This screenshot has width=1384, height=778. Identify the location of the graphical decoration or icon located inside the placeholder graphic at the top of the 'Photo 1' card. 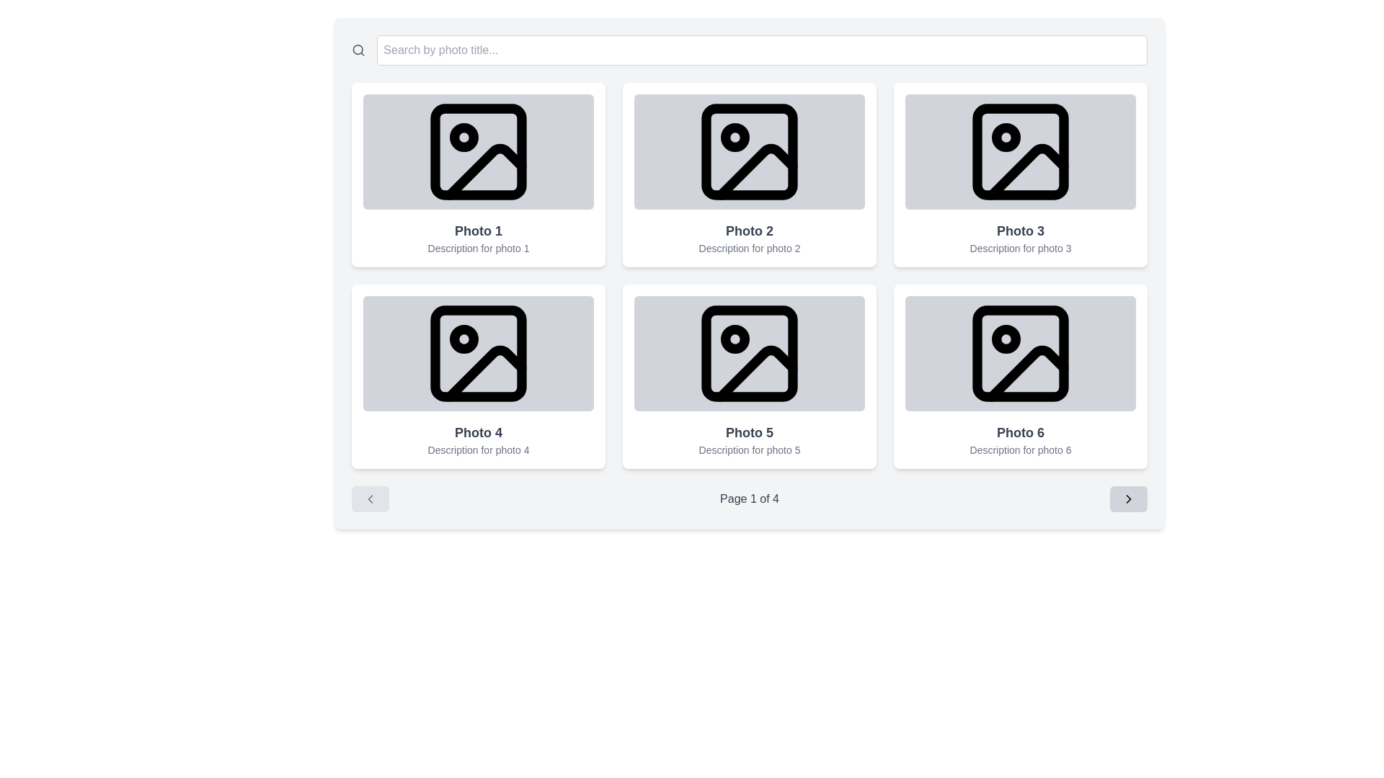
(463, 138).